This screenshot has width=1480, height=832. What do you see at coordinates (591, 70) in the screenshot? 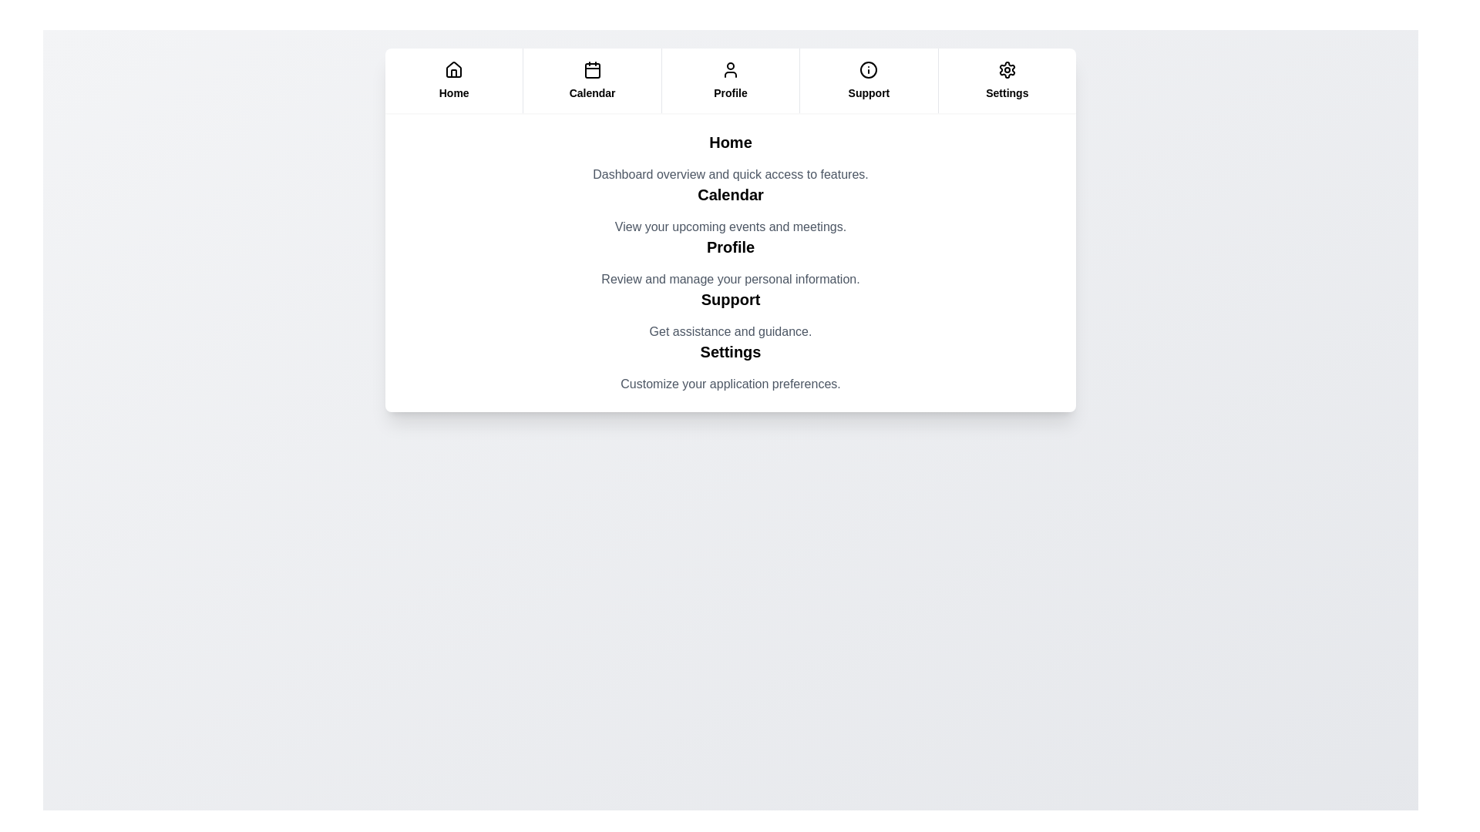
I see `the 'Calendar' icon located in the horizontal menu at the top, which serves as the visual anchor for the Calendar tab` at bounding box center [591, 70].